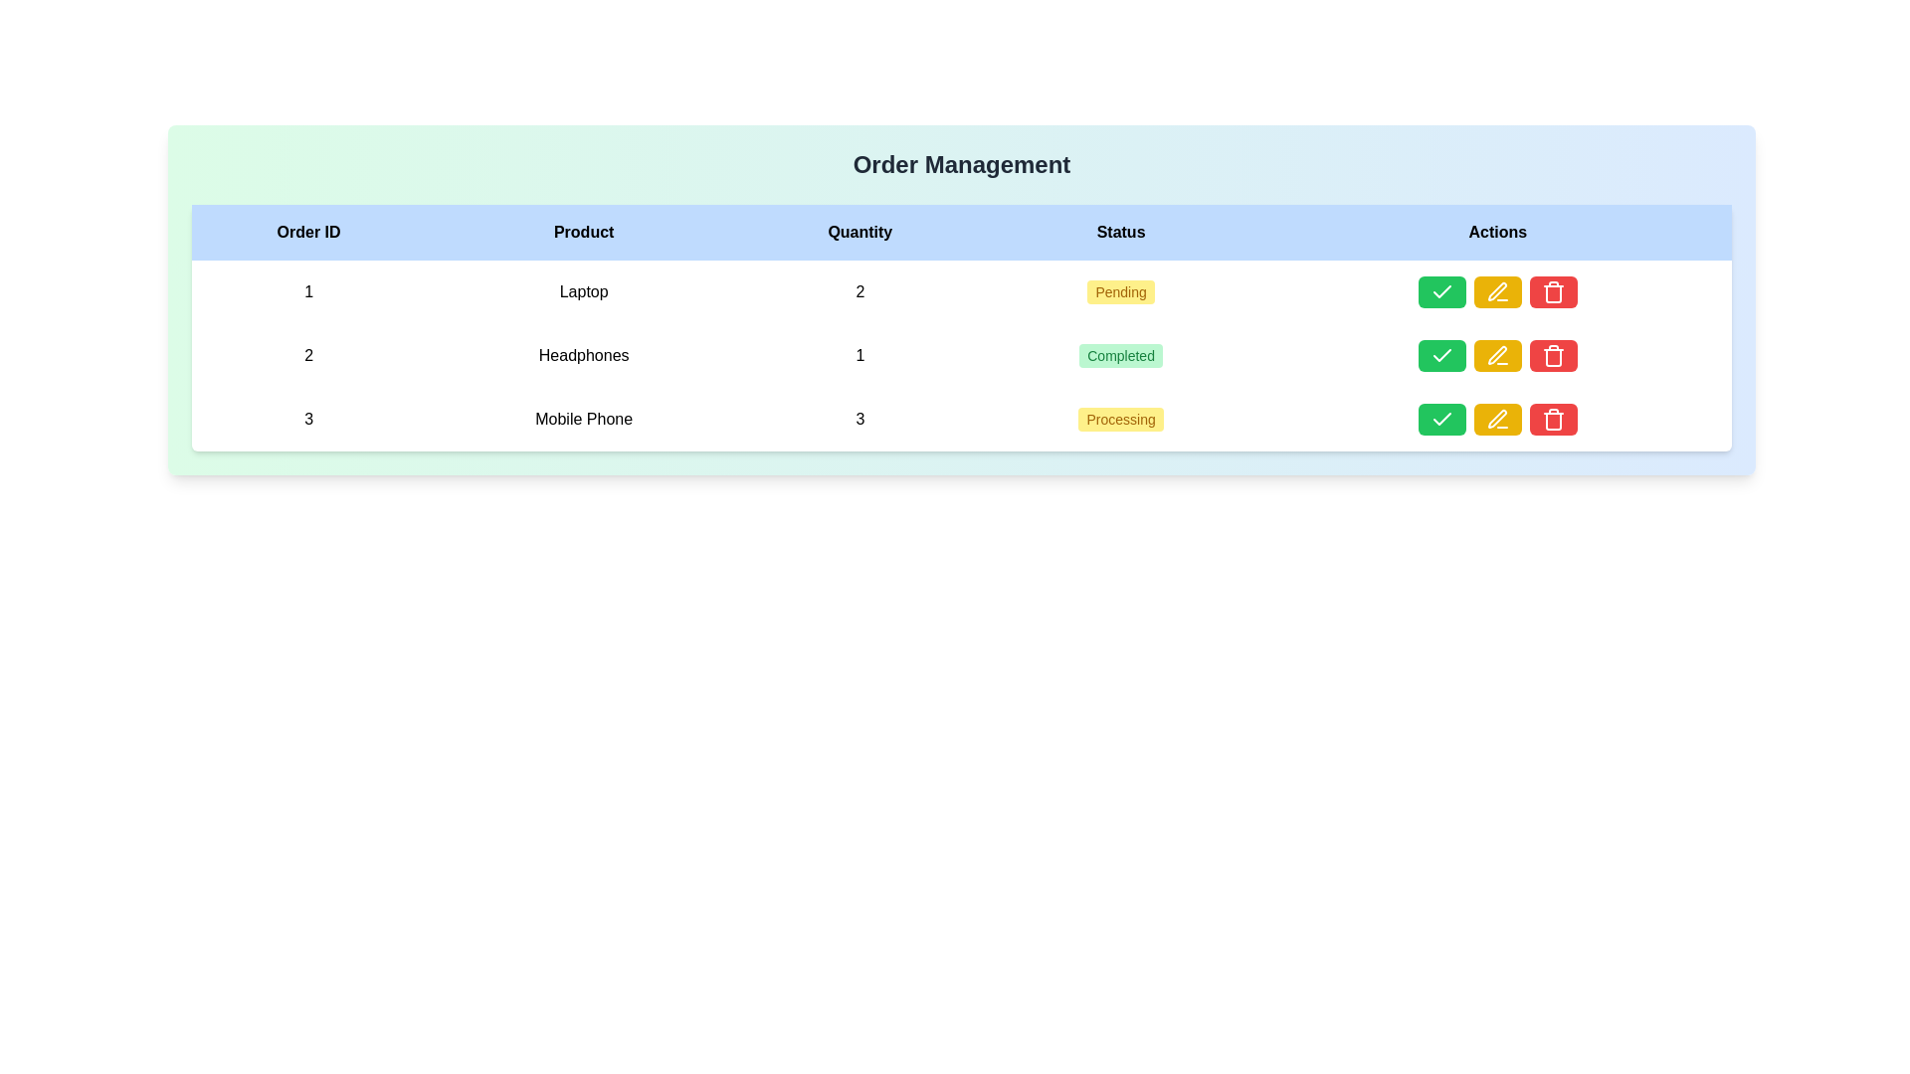  I want to click on the text label reading 'Mobile Phone' located in the 'Product' column of the table for Order ID 3, so click(583, 418).